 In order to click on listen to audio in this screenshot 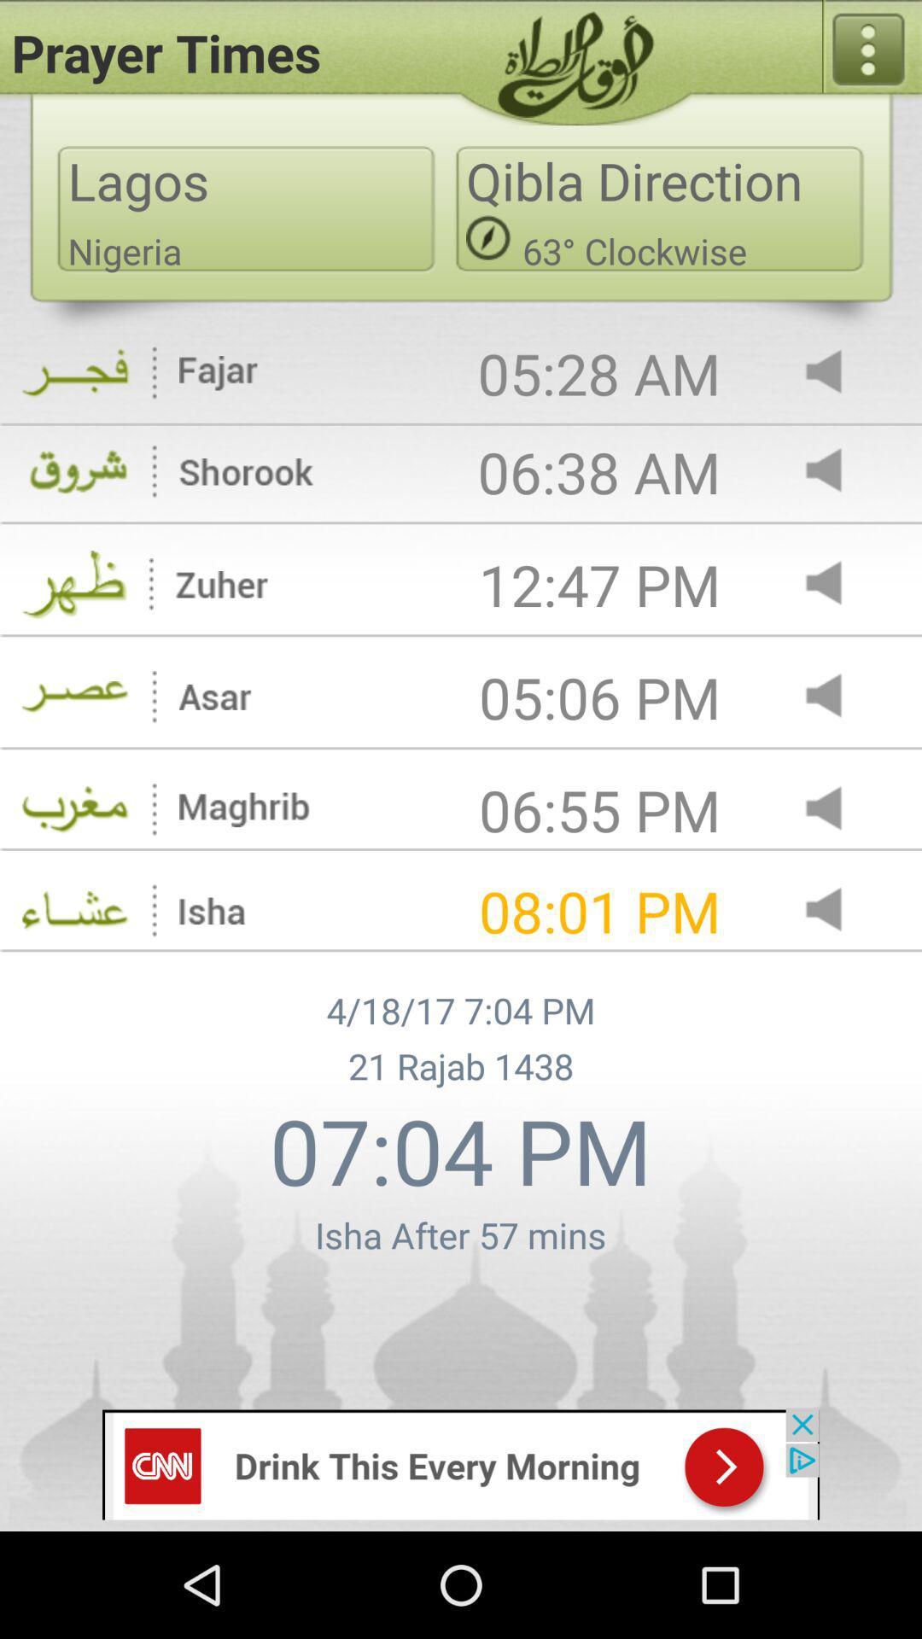, I will do `click(837, 372)`.